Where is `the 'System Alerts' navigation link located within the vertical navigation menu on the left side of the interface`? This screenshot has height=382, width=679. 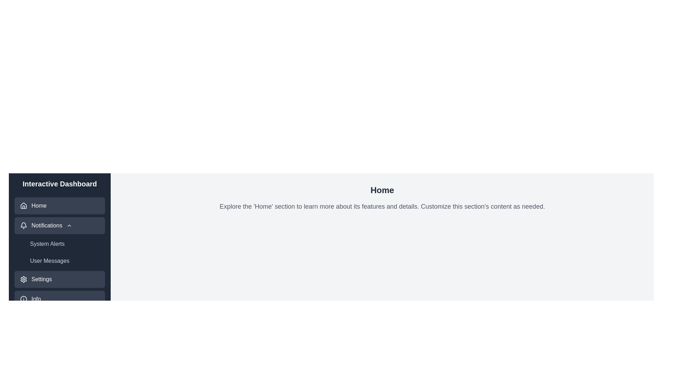
the 'System Alerts' navigation link located within the vertical navigation menu on the left side of the interface is located at coordinates (59, 252).